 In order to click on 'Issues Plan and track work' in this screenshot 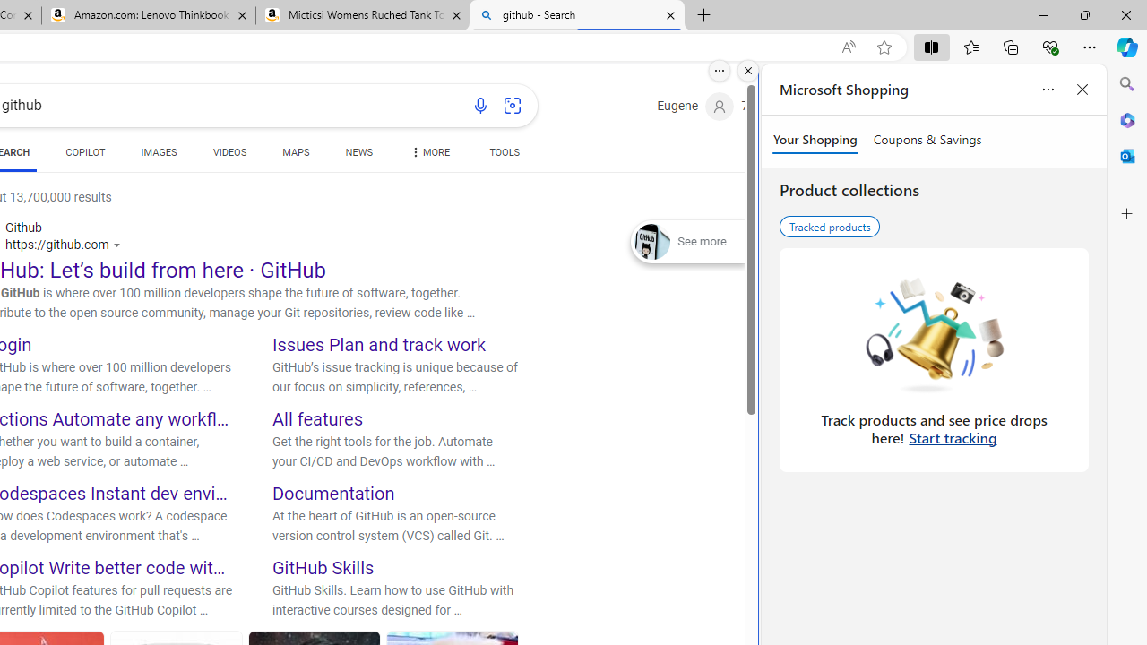, I will do `click(378, 344)`.